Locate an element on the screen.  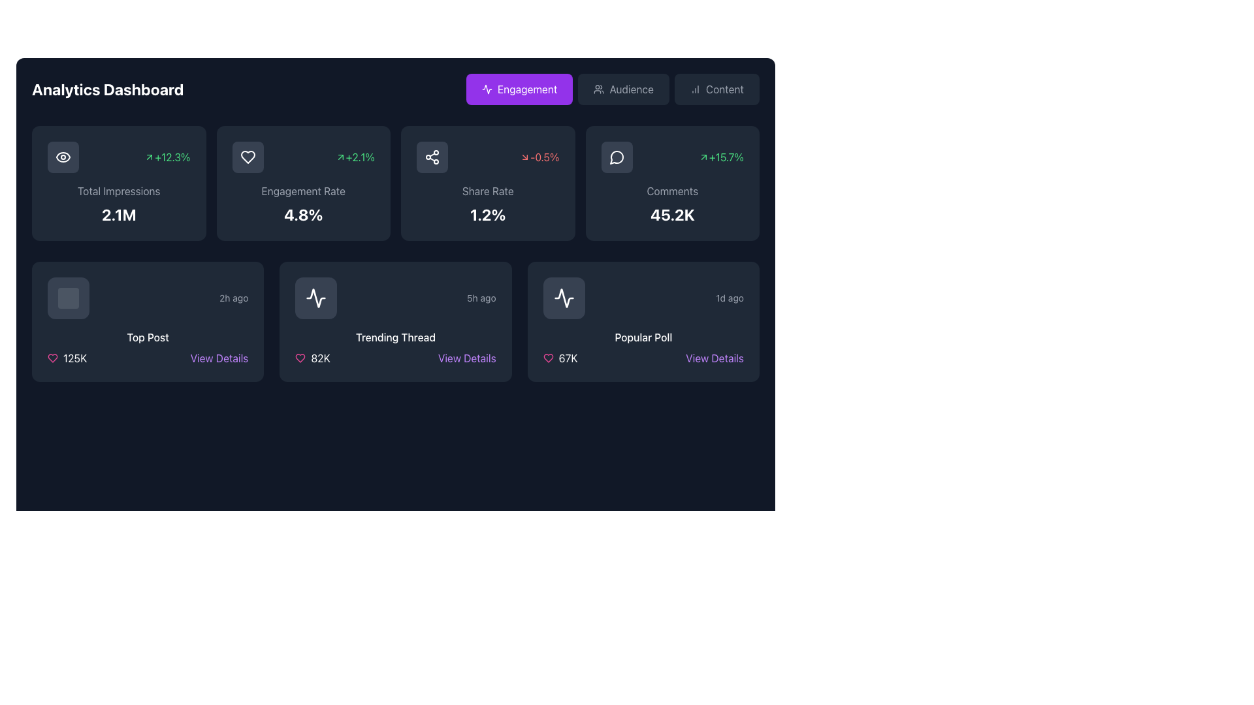
the heart-shaped icon indicating the 'Engagement Rate' within the analytics card layout is located at coordinates (248, 156).